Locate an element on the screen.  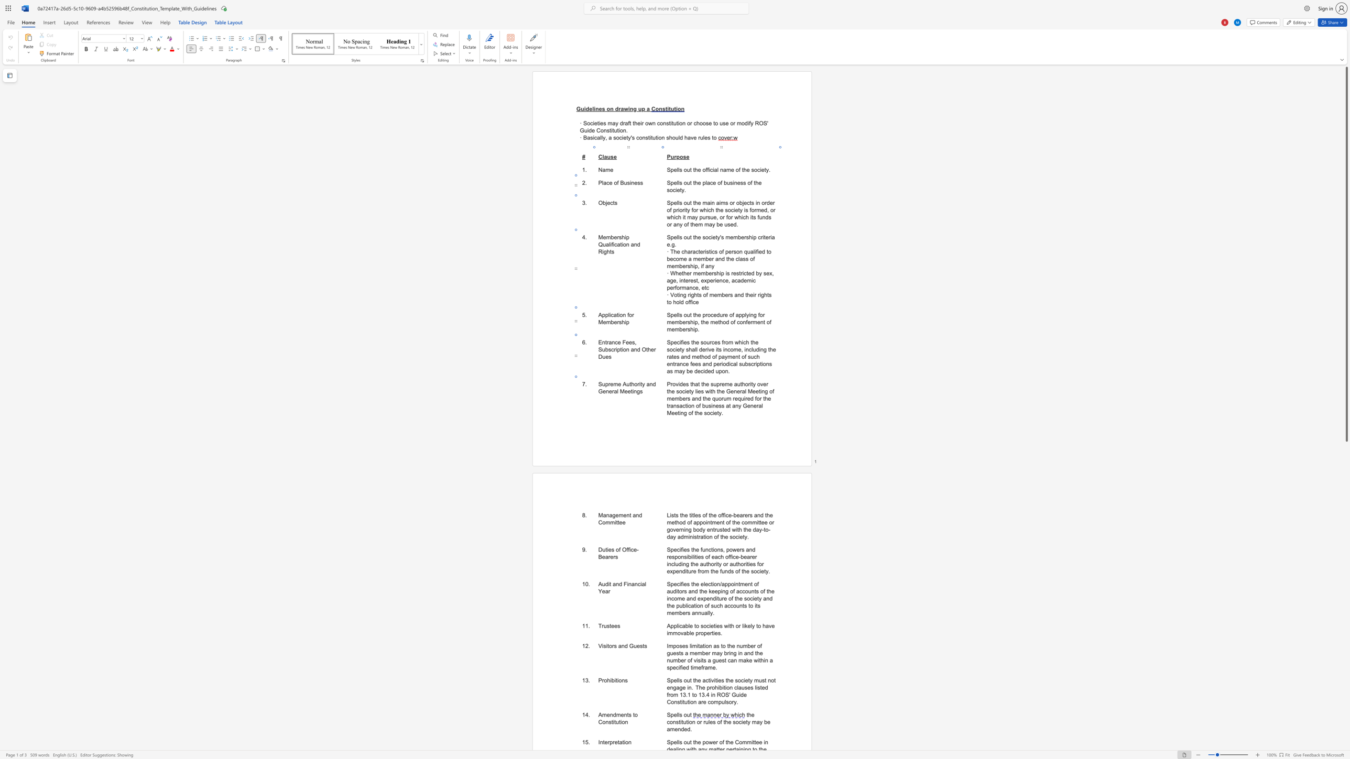
the 1th character "d" in the text is located at coordinates (625, 645).